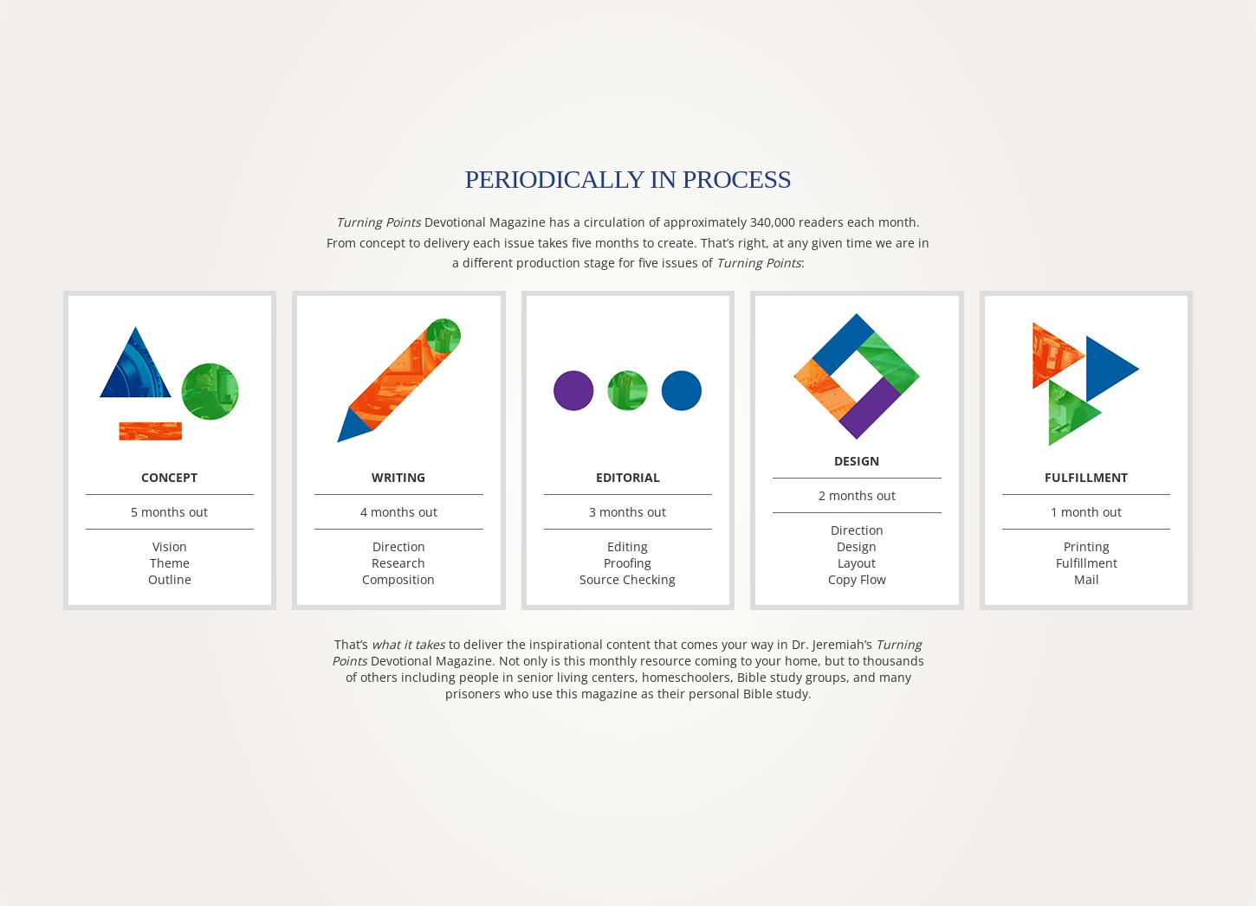 The width and height of the screenshot is (1256, 906). What do you see at coordinates (168, 477) in the screenshot?
I see `'Concept'` at bounding box center [168, 477].